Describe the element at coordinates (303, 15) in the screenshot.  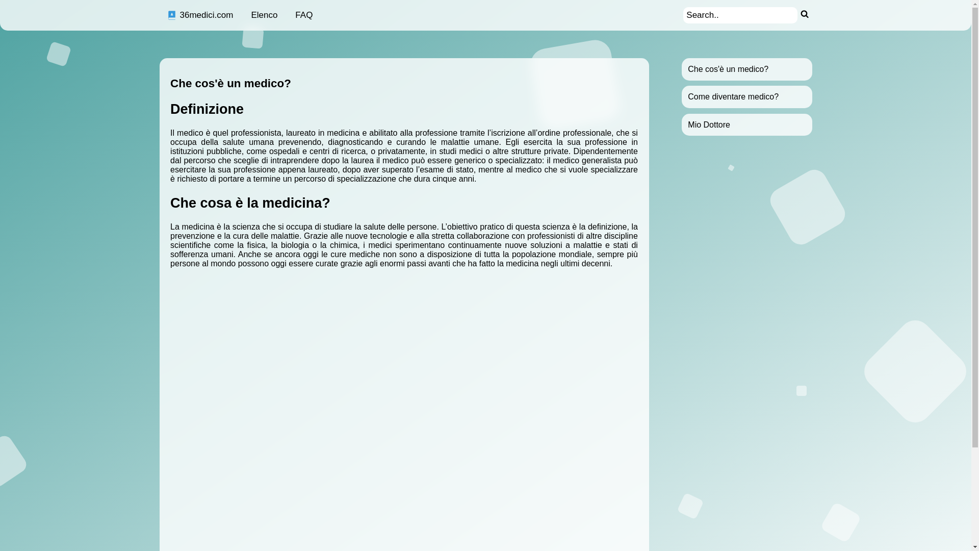
I see `'FAQ'` at that location.